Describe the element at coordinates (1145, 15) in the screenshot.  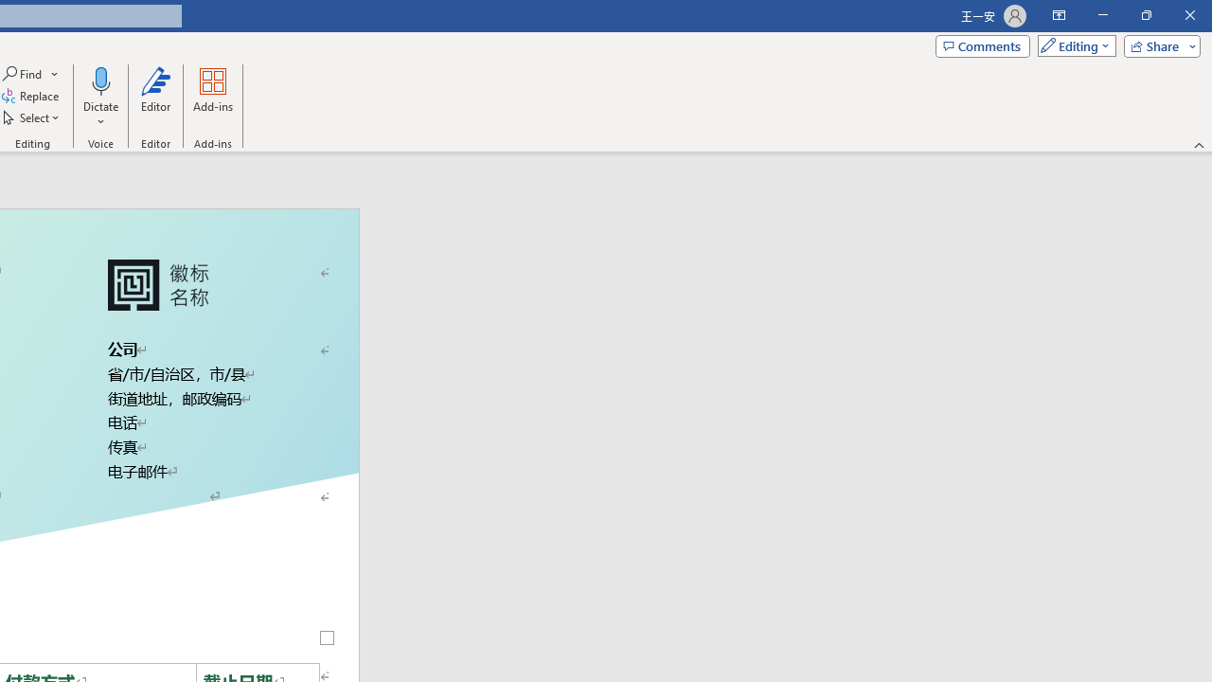
I see `'Restore Down'` at that location.